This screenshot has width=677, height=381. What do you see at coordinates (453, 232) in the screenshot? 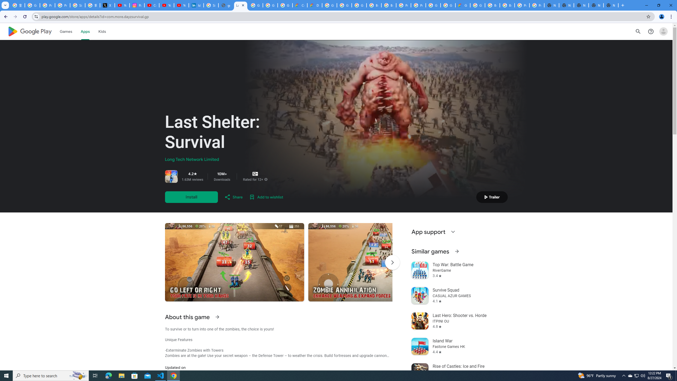
I see `'Expand'` at bounding box center [453, 232].